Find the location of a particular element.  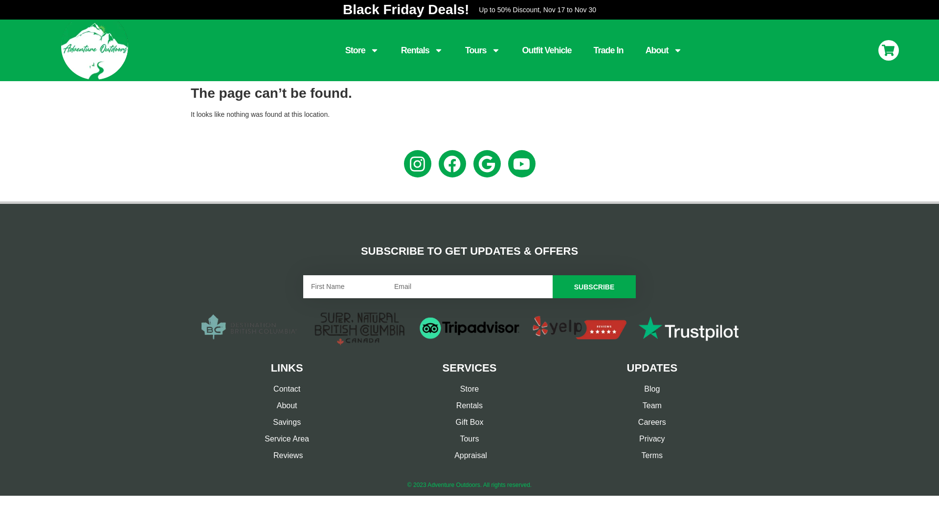

'Contact' is located at coordinates (286, 388).